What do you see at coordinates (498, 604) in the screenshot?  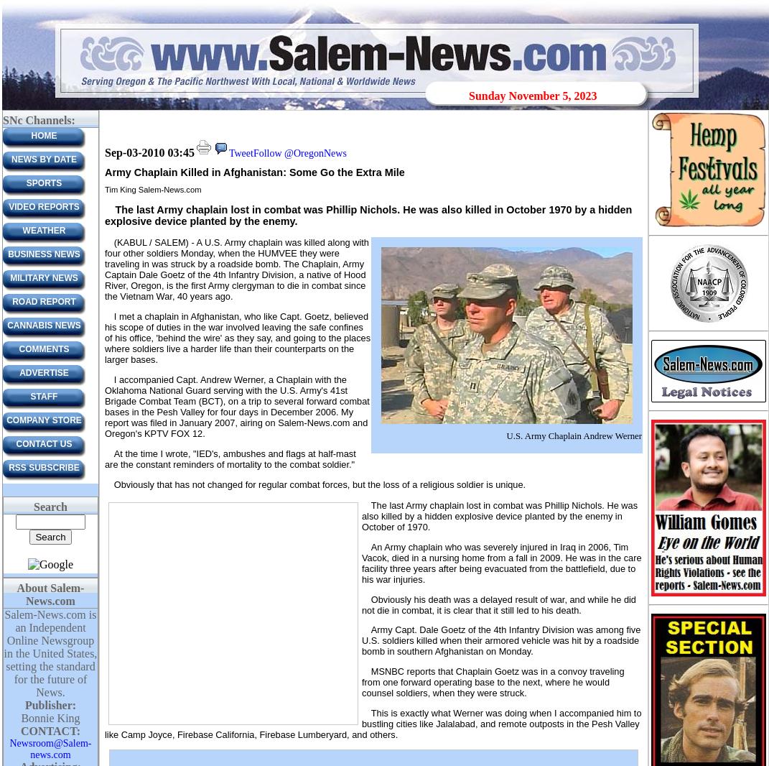 I see `'Obviously his death was a delayed result of war, and while he did not die in combat, it is clear that it still led to his death.'` at bounding box center [498, 604].